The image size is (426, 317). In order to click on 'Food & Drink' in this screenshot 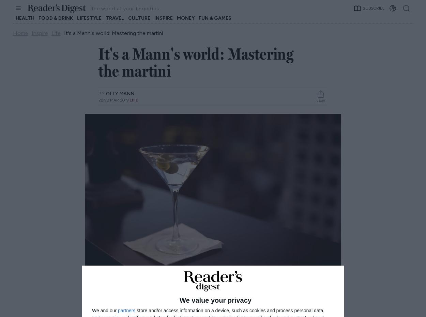, I will do `click(55, 18)`.